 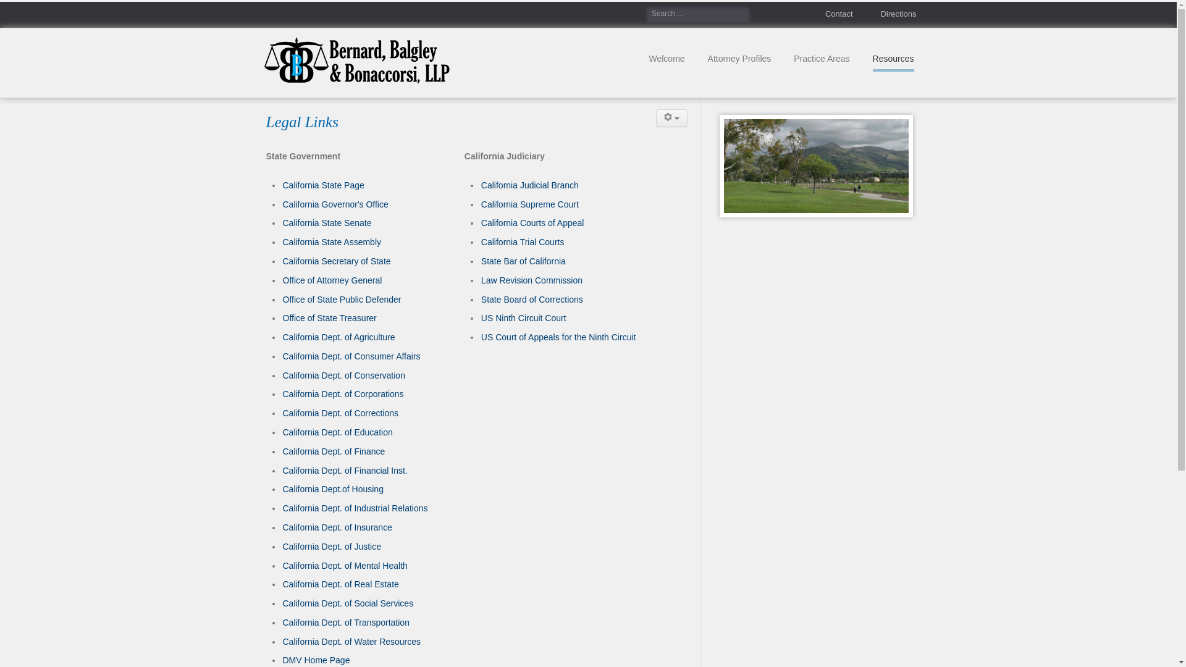 I want to click on 'California Dept. of Real Estate', so click(x=341, y=584).